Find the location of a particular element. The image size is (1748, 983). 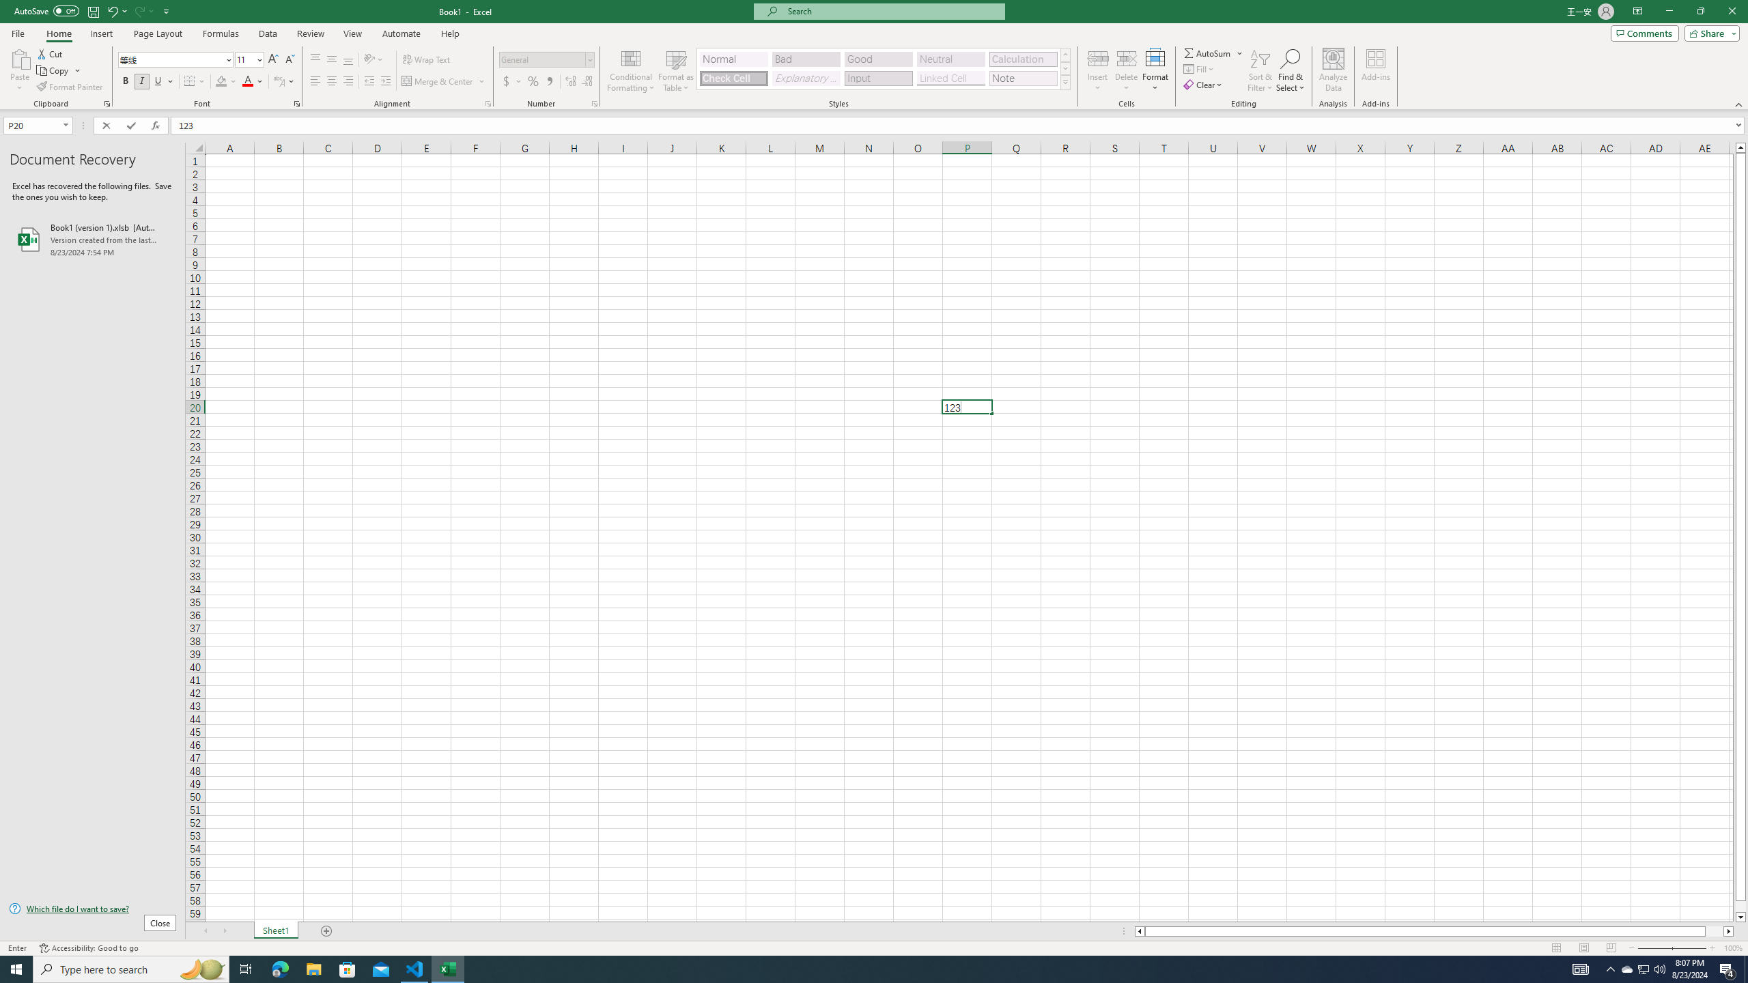

'Align Left' is located at coordinates (315, 81).